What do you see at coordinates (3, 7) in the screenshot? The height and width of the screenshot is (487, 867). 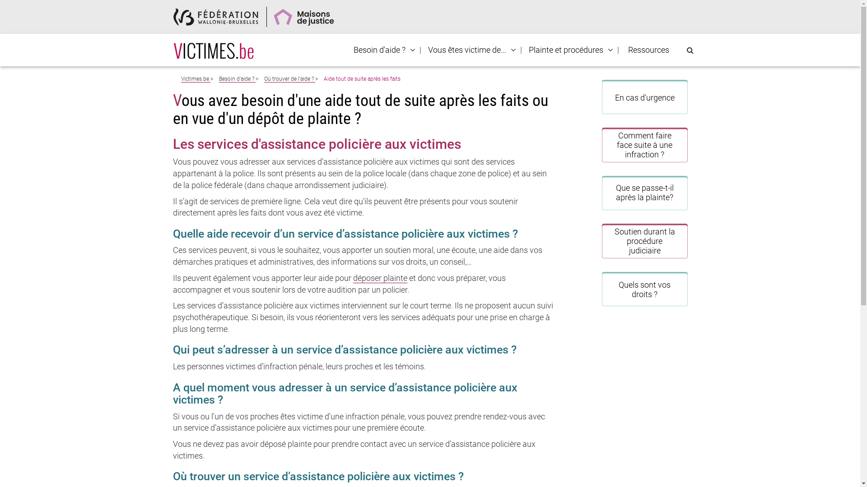 I see `'Recherche'` at bounding box center [3, 7].